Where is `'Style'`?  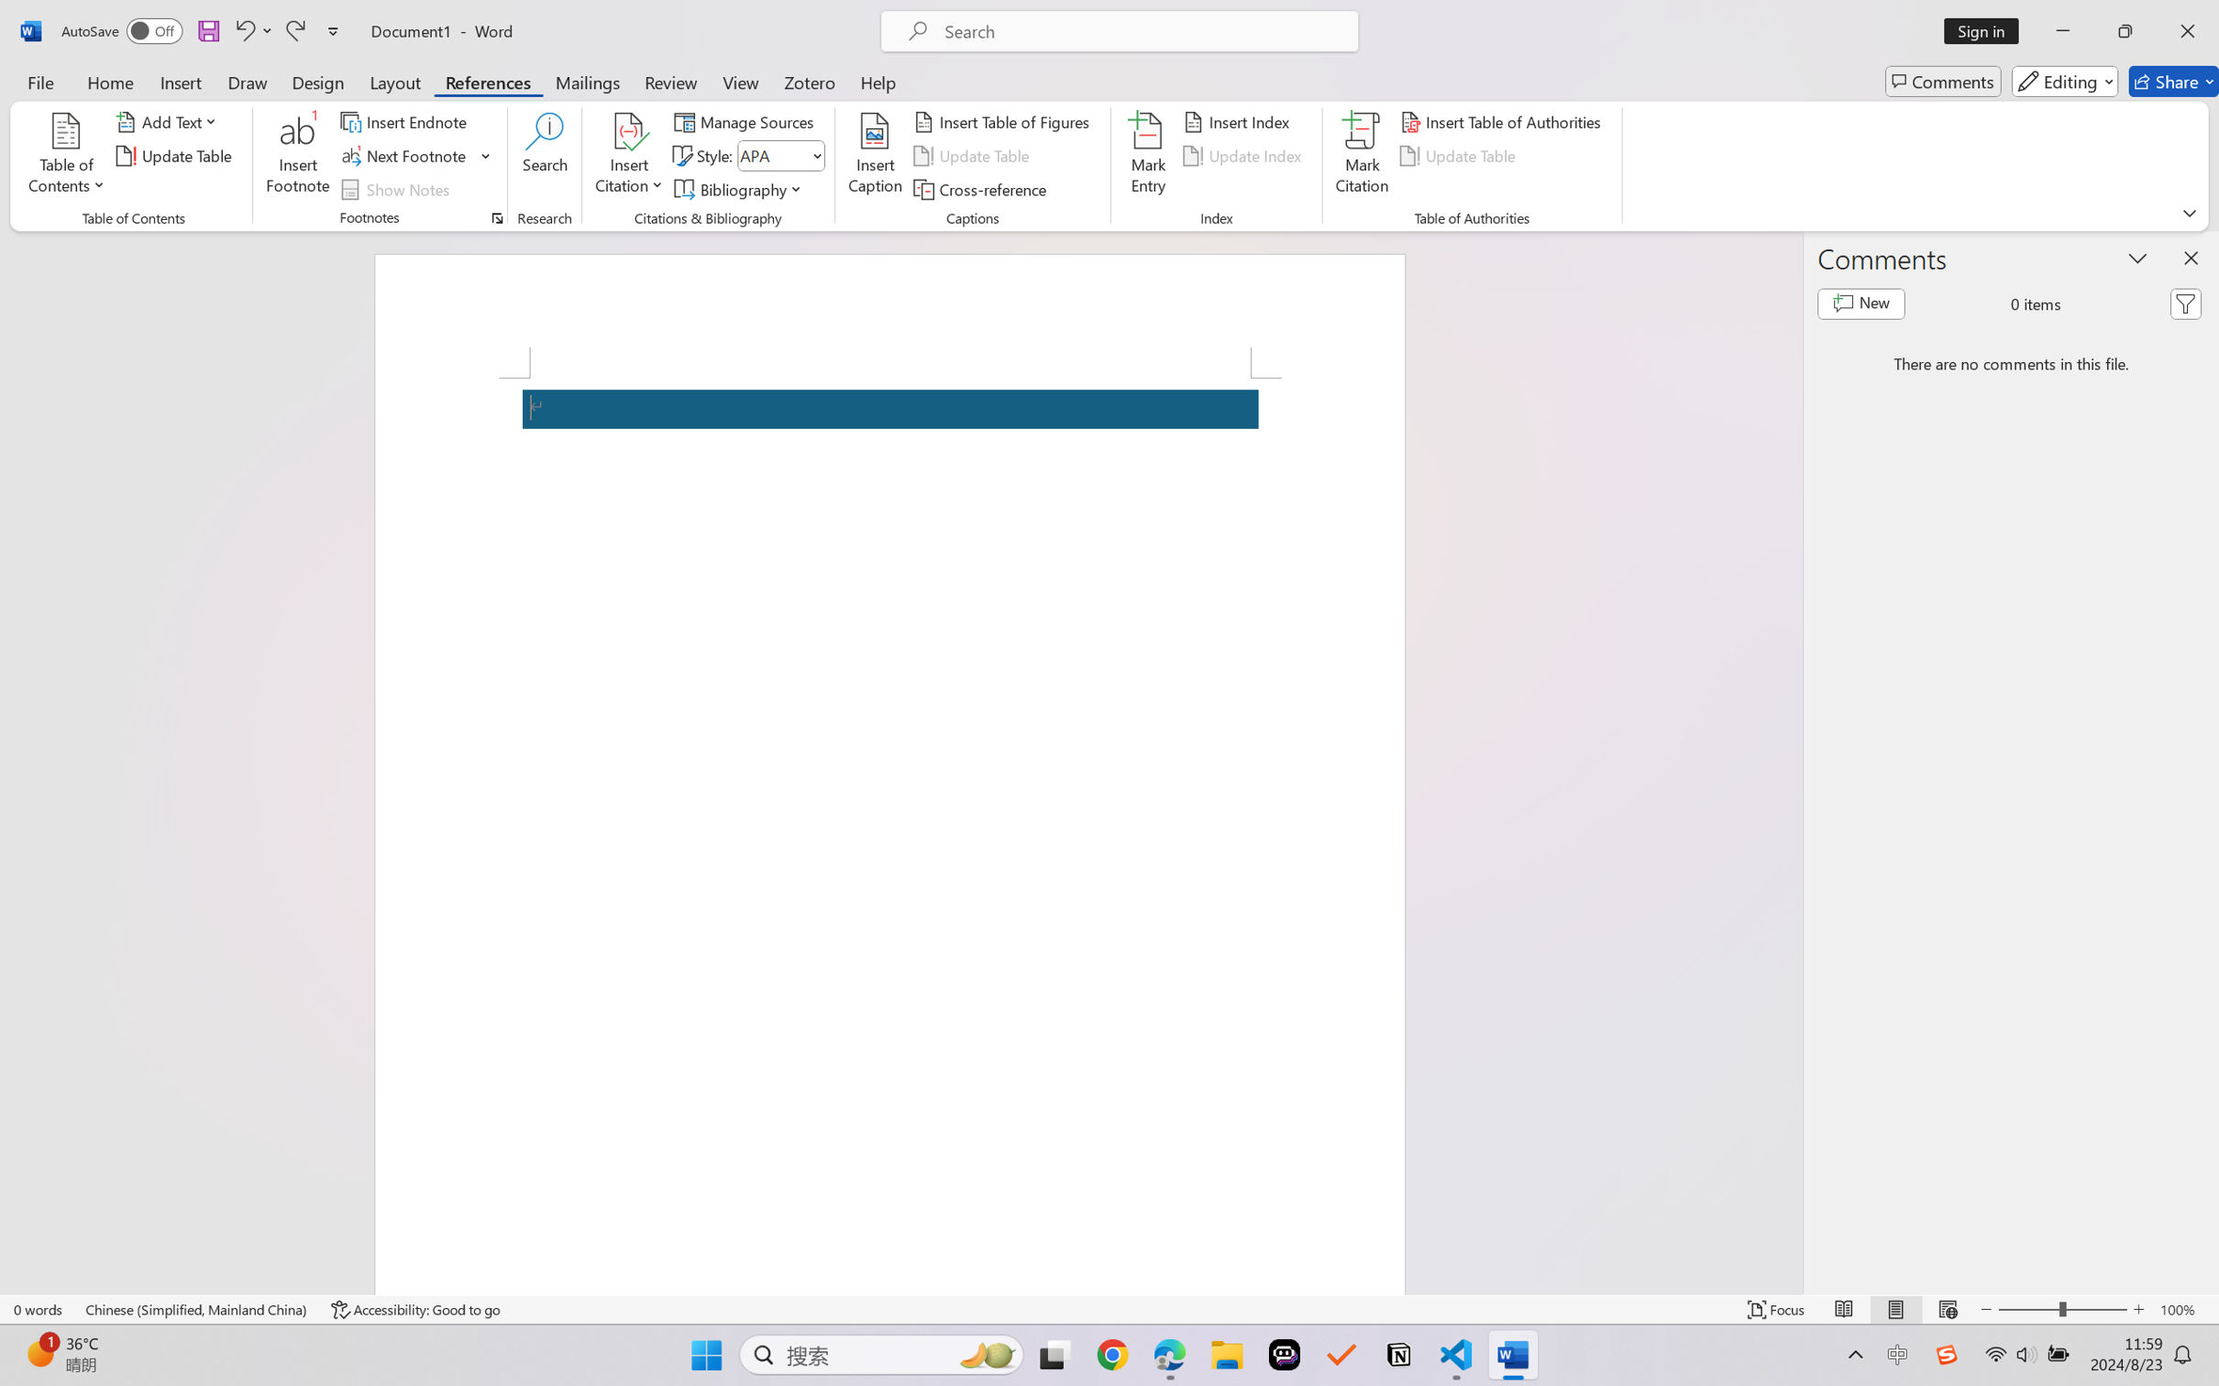
'Style' is located at coordinates (780, 156).